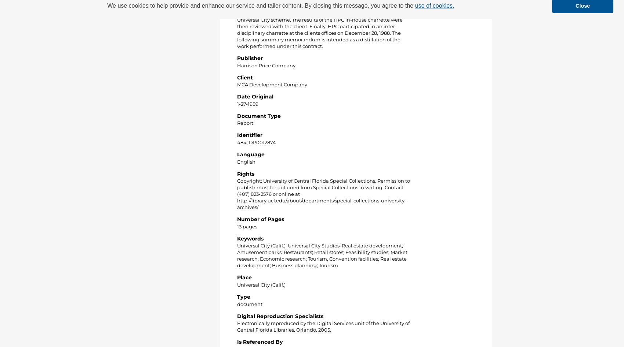  What do you see at coordinates (245, 77) in the screenshot?
I see `'Client'` at bounding box center [245, 77].